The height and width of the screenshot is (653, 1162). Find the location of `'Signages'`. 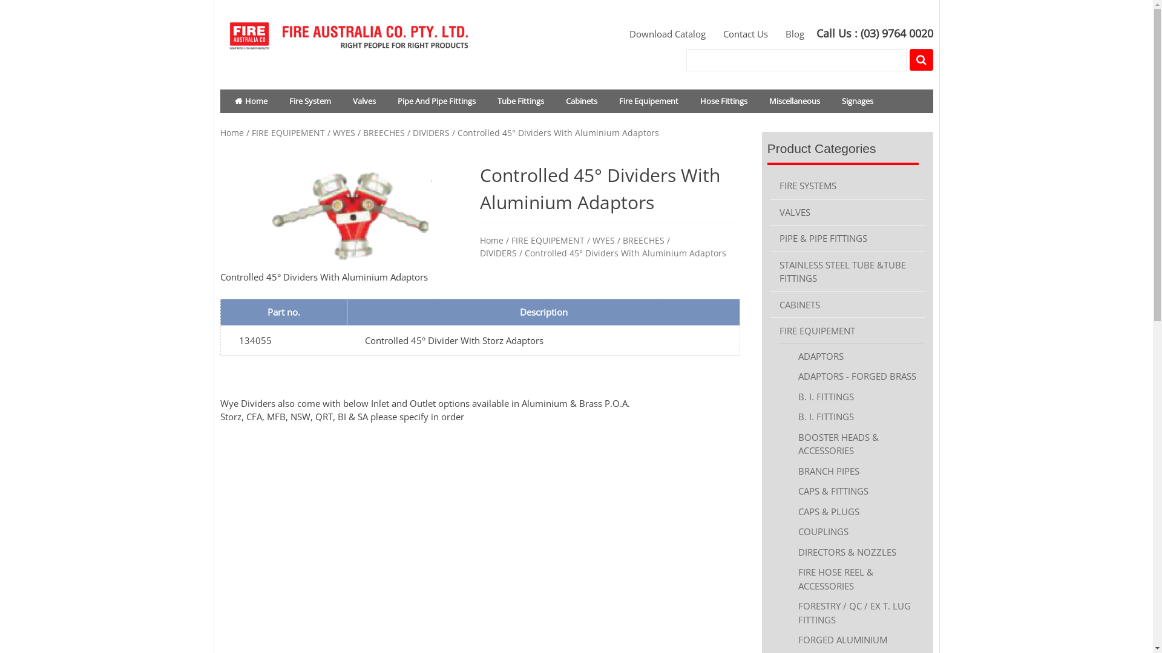

'Signages' is located at coordinates (856, 100).